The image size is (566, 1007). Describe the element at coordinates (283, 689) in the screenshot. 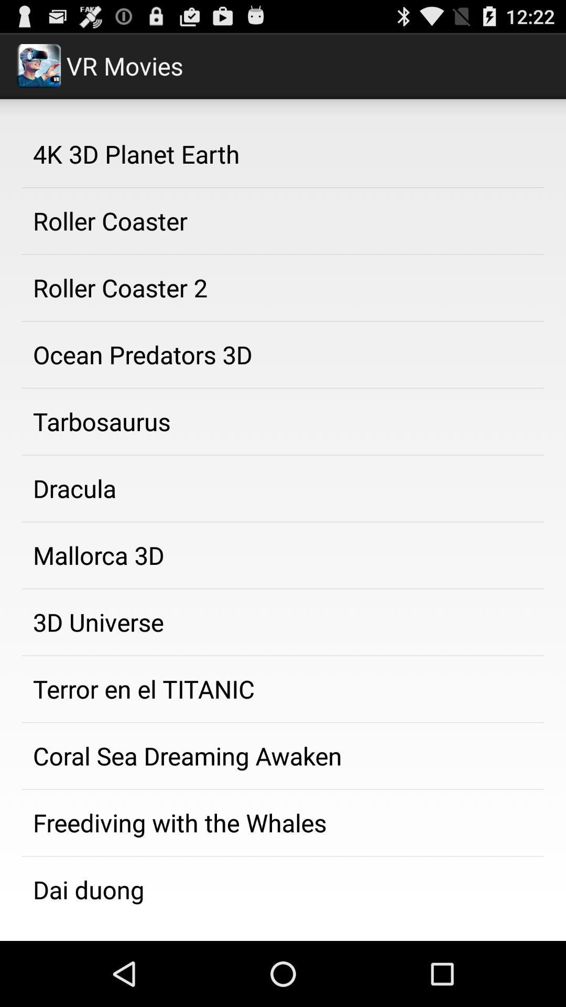

I see `item above the coral sea dreaming app` at that location.